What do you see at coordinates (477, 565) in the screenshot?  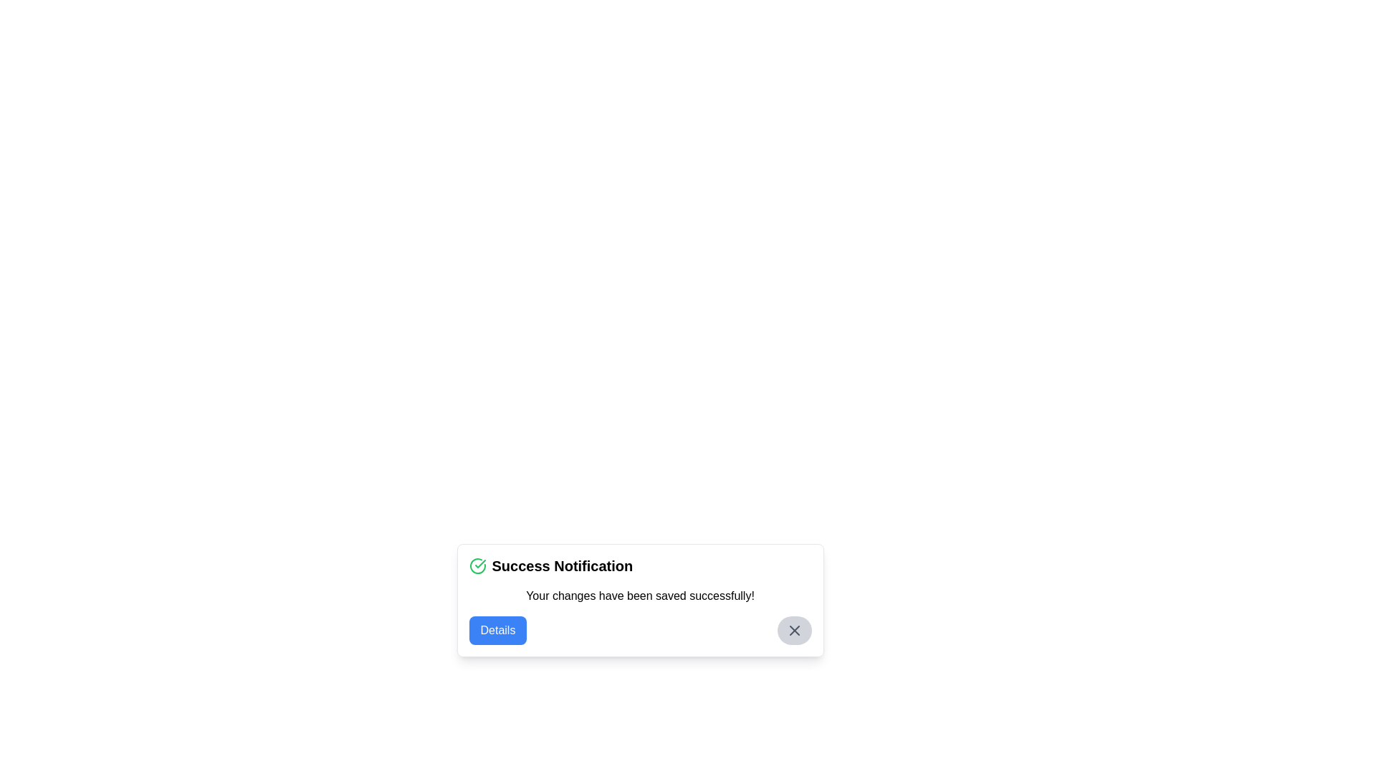 I see `the circular icon with a green checkmark overlay, which is located to the left of the 'Success Notification' text` at bounding box center [477, 565].